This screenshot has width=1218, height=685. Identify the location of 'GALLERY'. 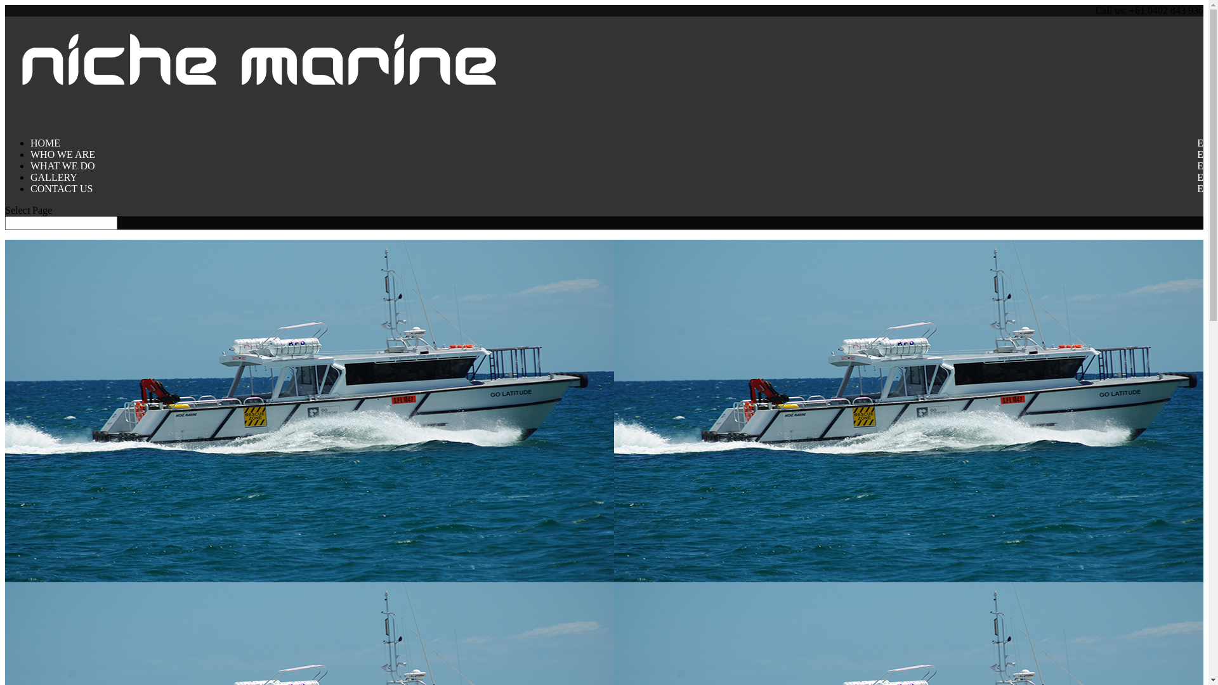
(53, 186).